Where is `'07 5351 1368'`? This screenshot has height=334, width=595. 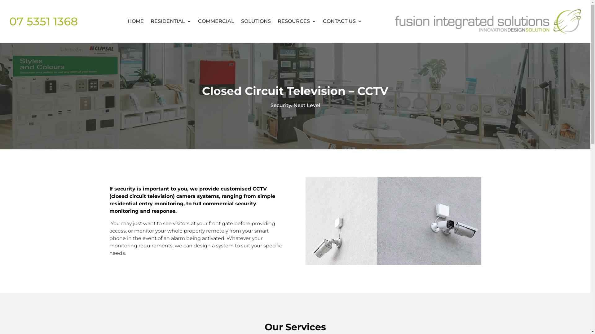
'07 5351 1368' is located at coordinates (43, 21).